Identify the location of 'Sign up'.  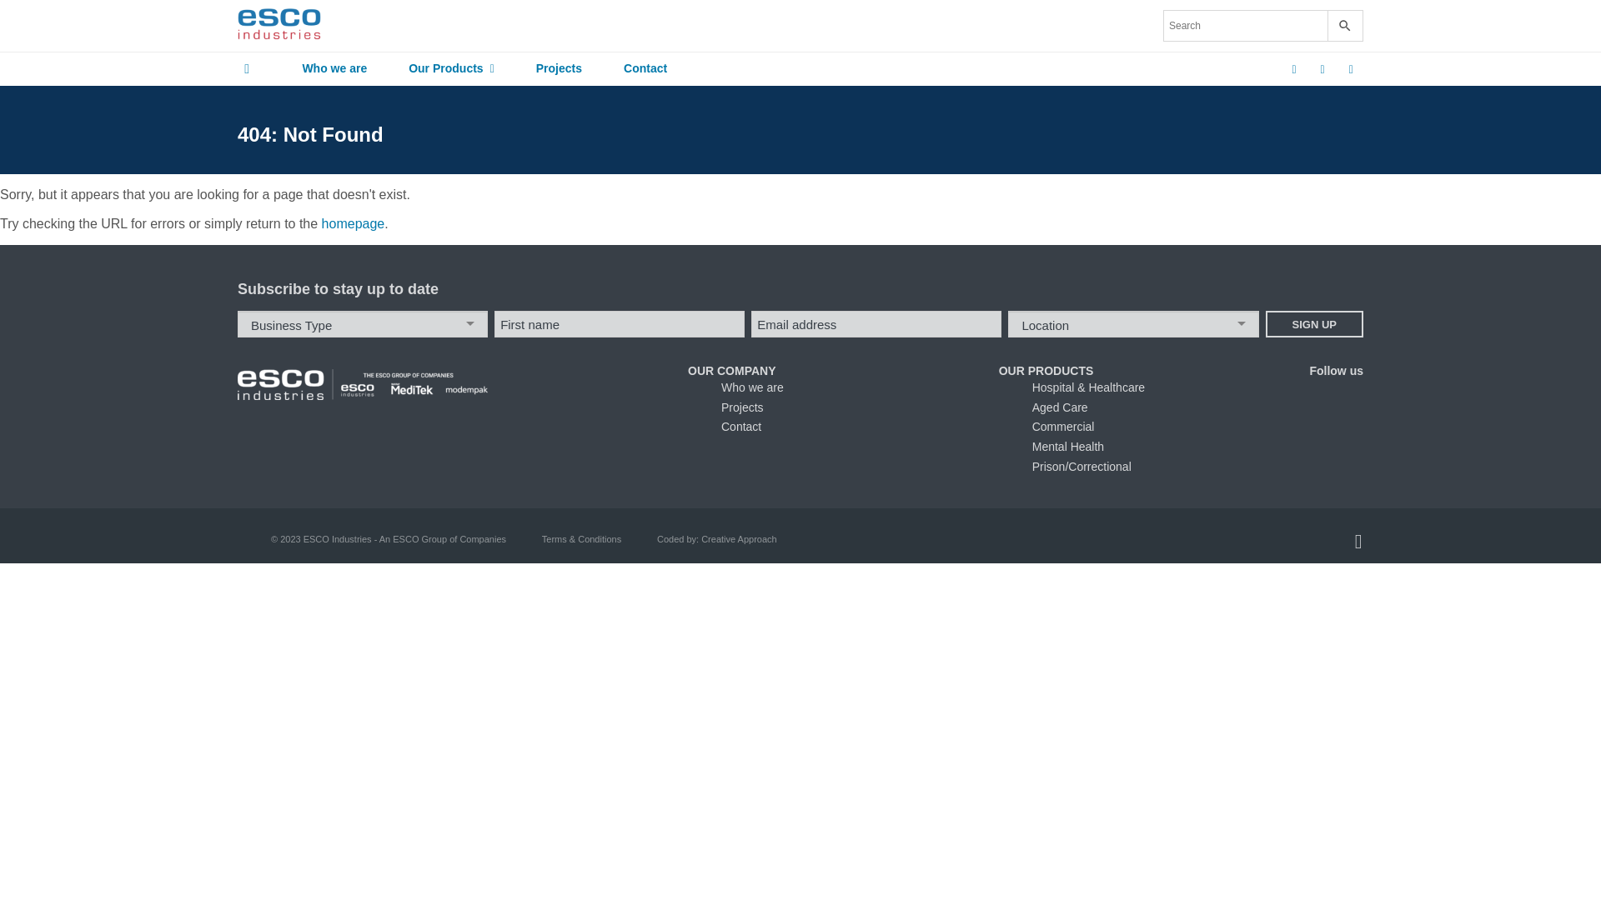
(1265, 324).